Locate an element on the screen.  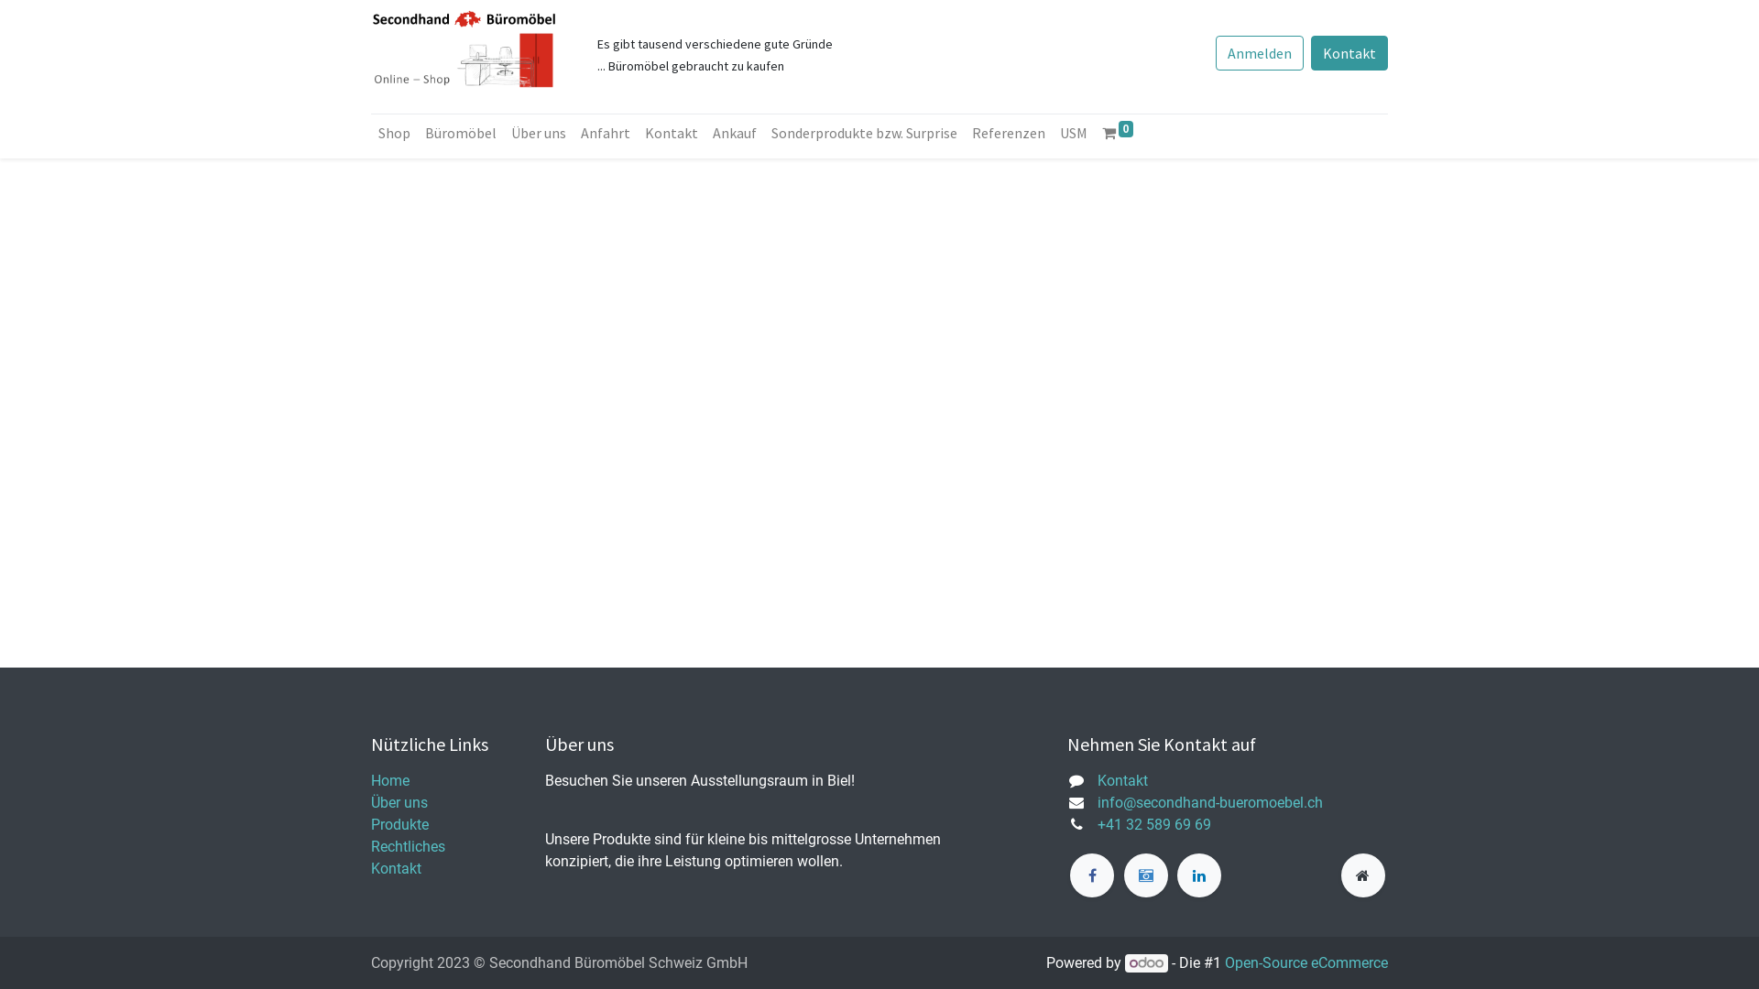
'Ankauf' is located at coordinates (734, 132).